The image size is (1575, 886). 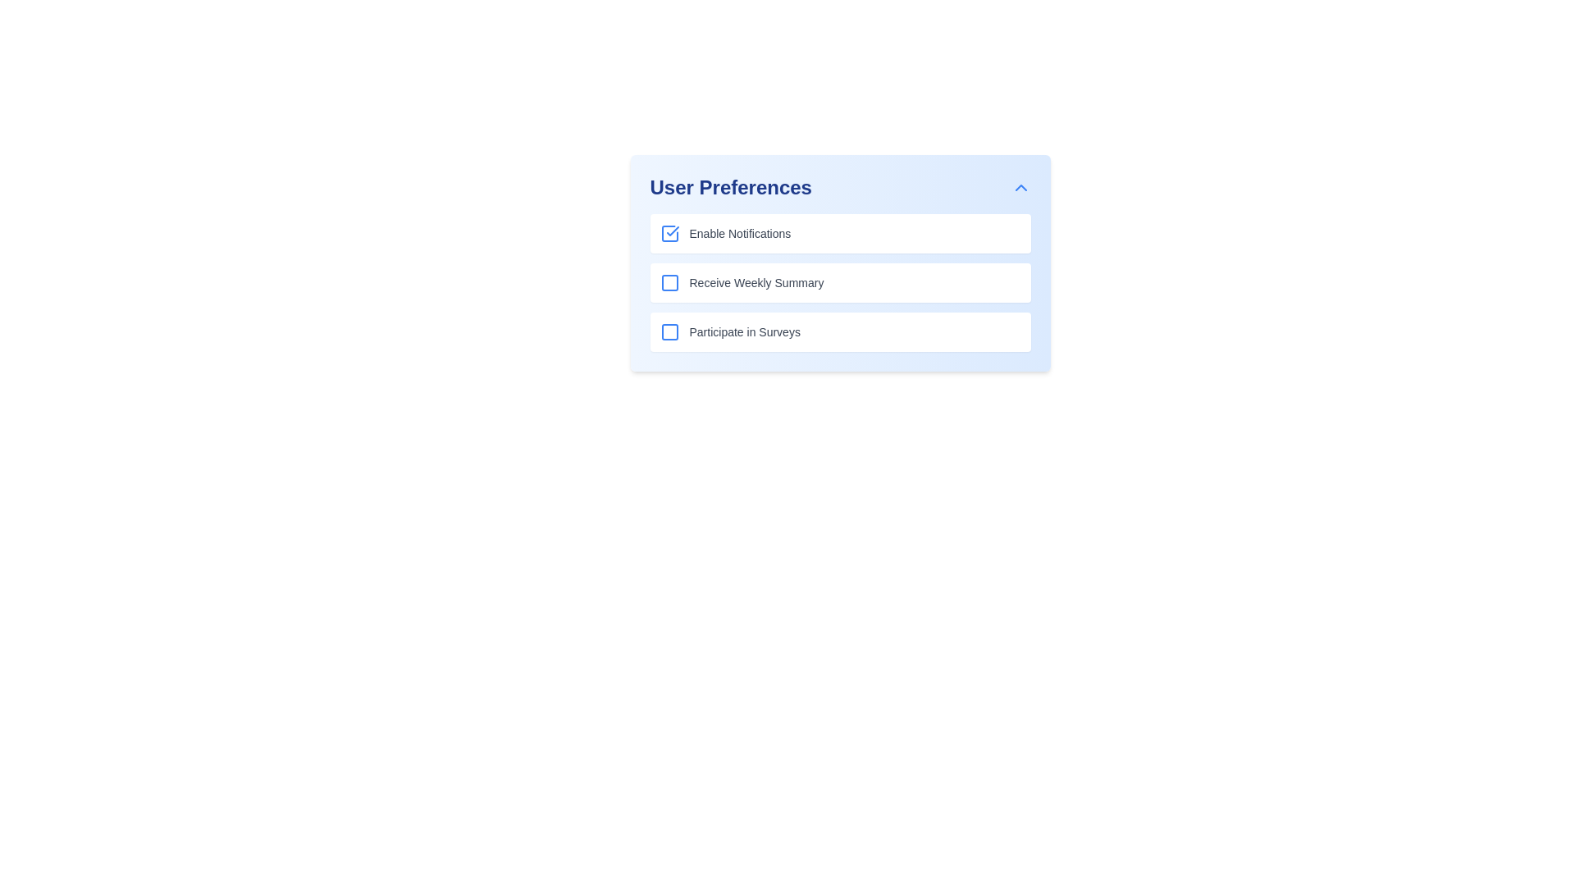 I want to click on the Interactive Icon located in the upper right corner of the 'User Preferences' section, so click(x=1020, y=186).